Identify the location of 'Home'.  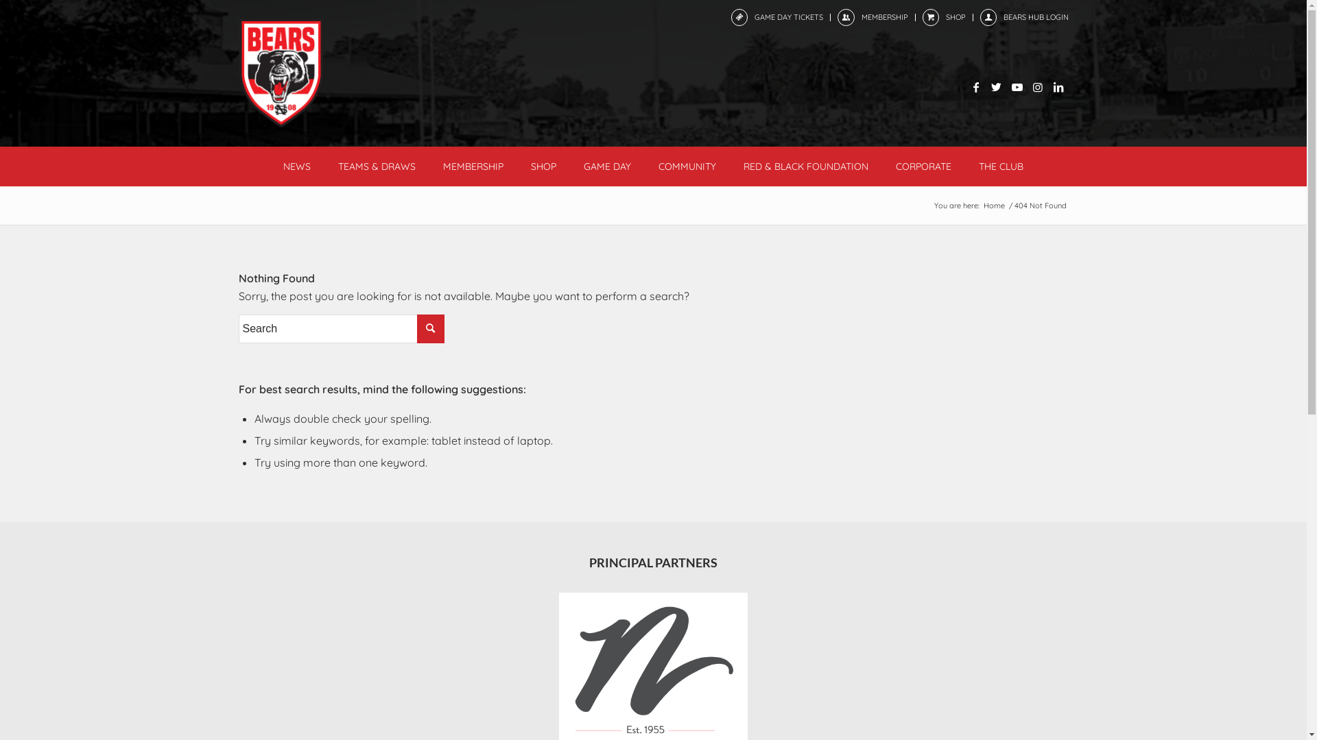
(993, 206).